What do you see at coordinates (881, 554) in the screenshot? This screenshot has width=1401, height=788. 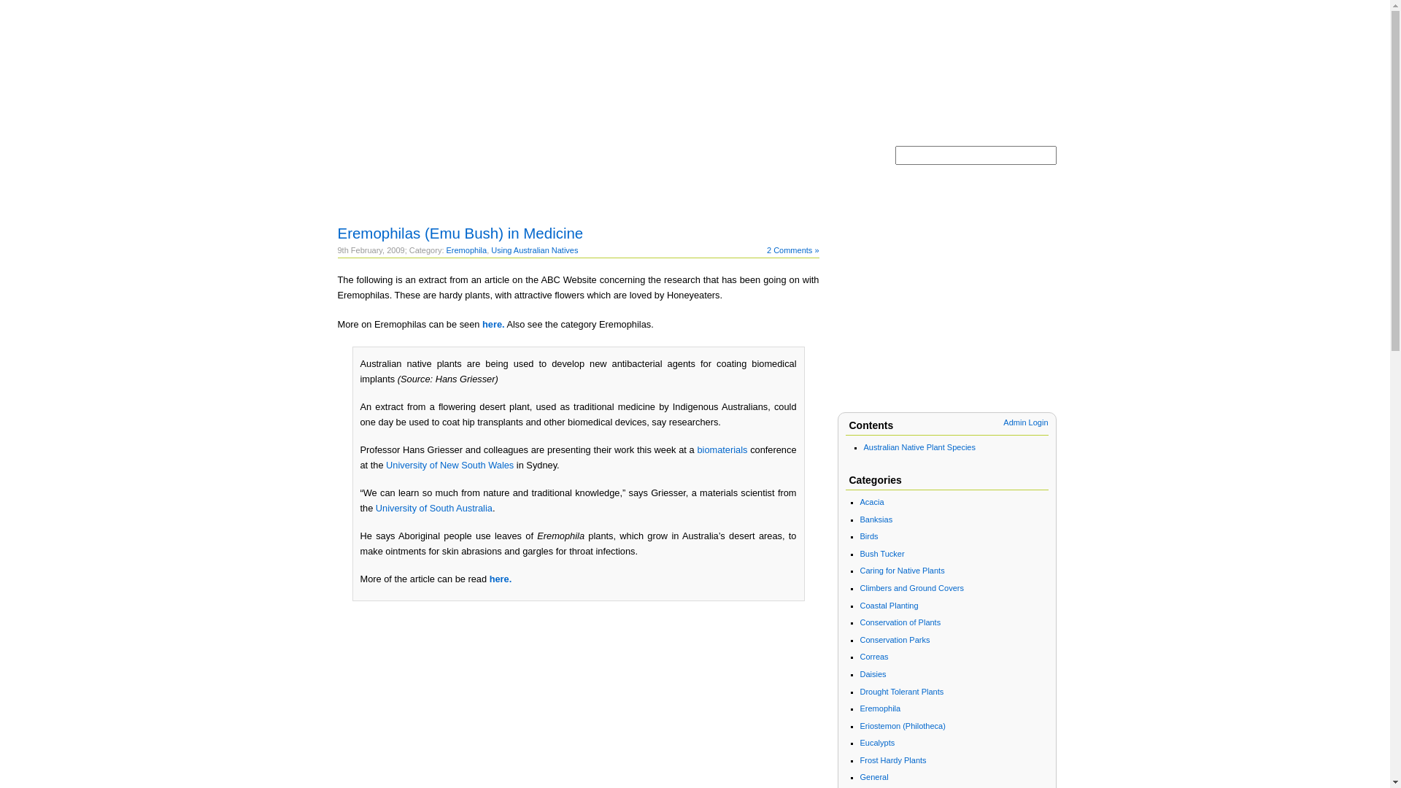 I see `'Bush Tucker'` at bounding box center [881, 554].